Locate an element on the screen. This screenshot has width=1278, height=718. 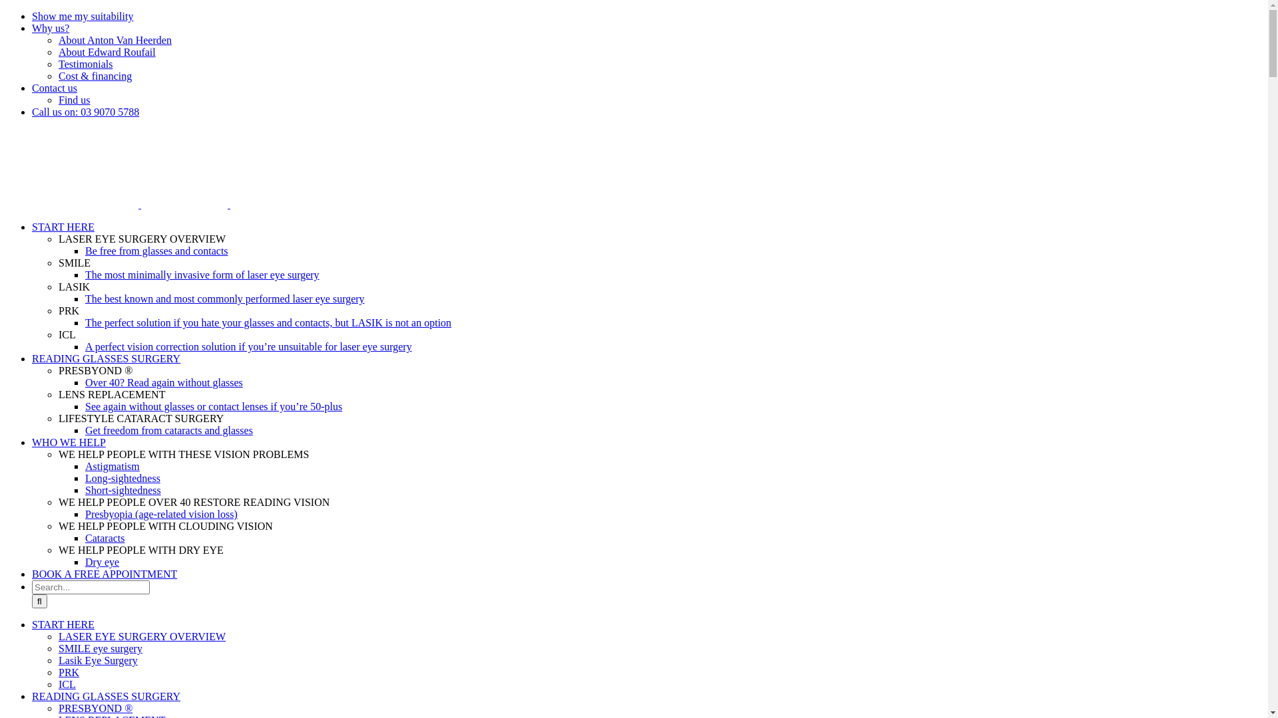
'Be free from glasses and contacts' is located at coordinates (156, 251).